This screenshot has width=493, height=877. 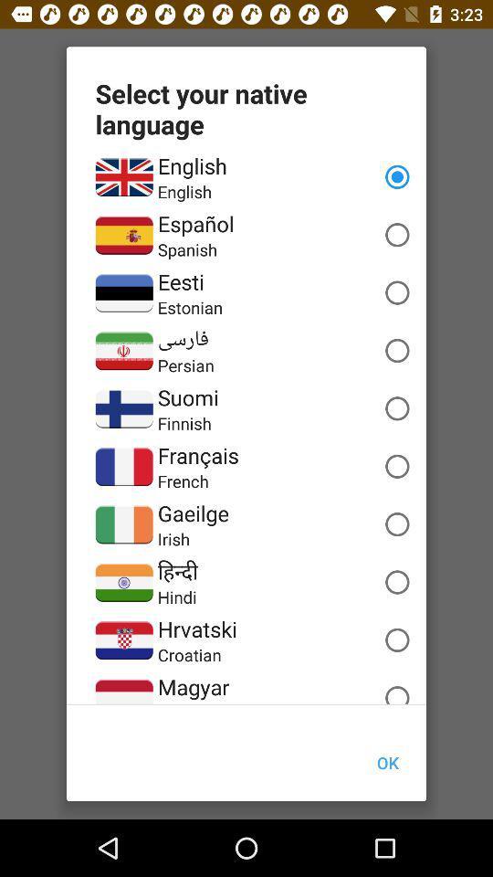 I want to click on the magyar, so click(x=193, y=686).